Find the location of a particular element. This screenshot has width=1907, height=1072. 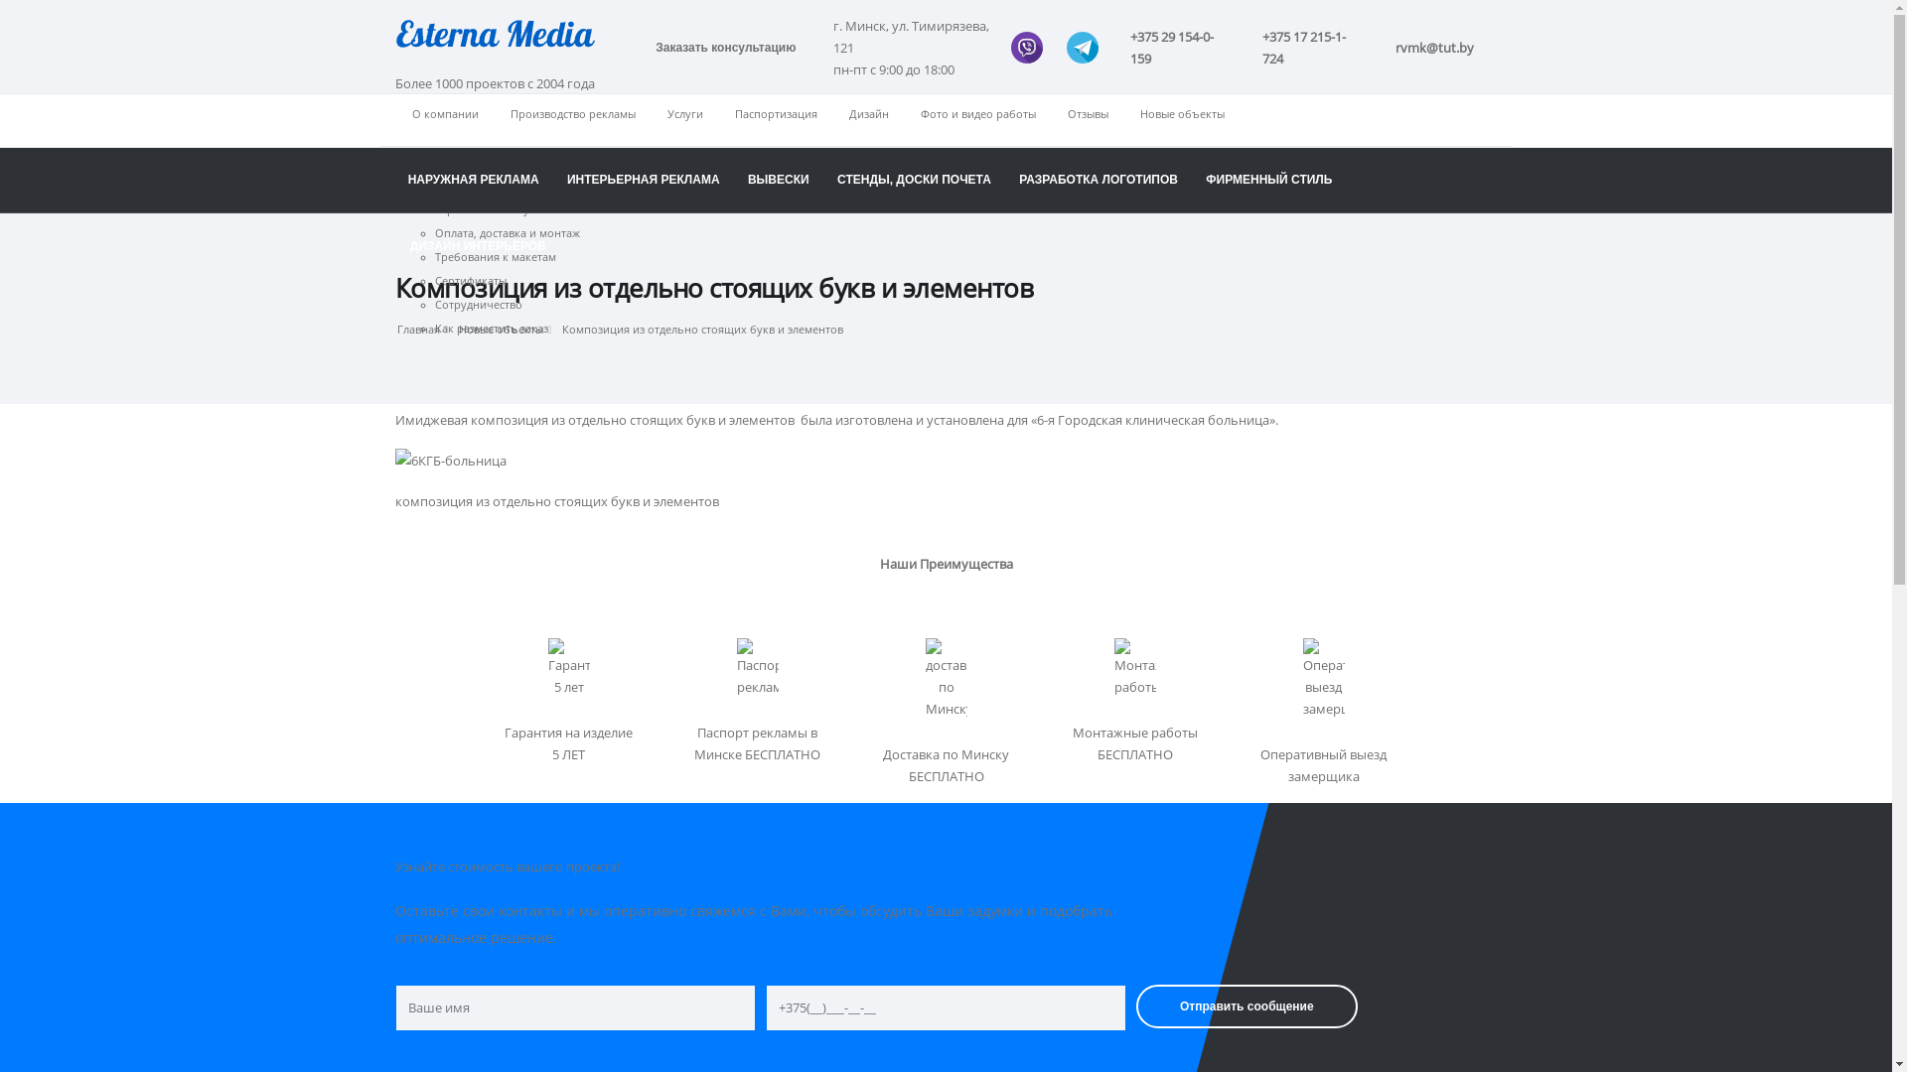

'rvmk@tut.by' is located at coordinates (1433, 45).